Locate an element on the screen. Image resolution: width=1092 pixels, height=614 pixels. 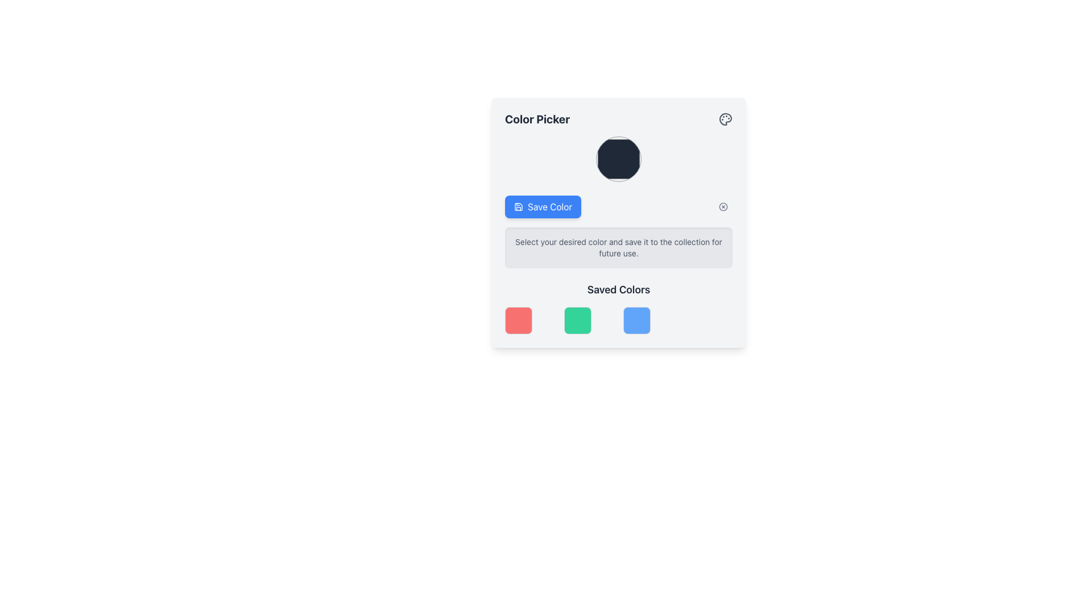
the vibrant red color swatch tile in the 'Saved Colors' section is located at coordinates (518, 320).